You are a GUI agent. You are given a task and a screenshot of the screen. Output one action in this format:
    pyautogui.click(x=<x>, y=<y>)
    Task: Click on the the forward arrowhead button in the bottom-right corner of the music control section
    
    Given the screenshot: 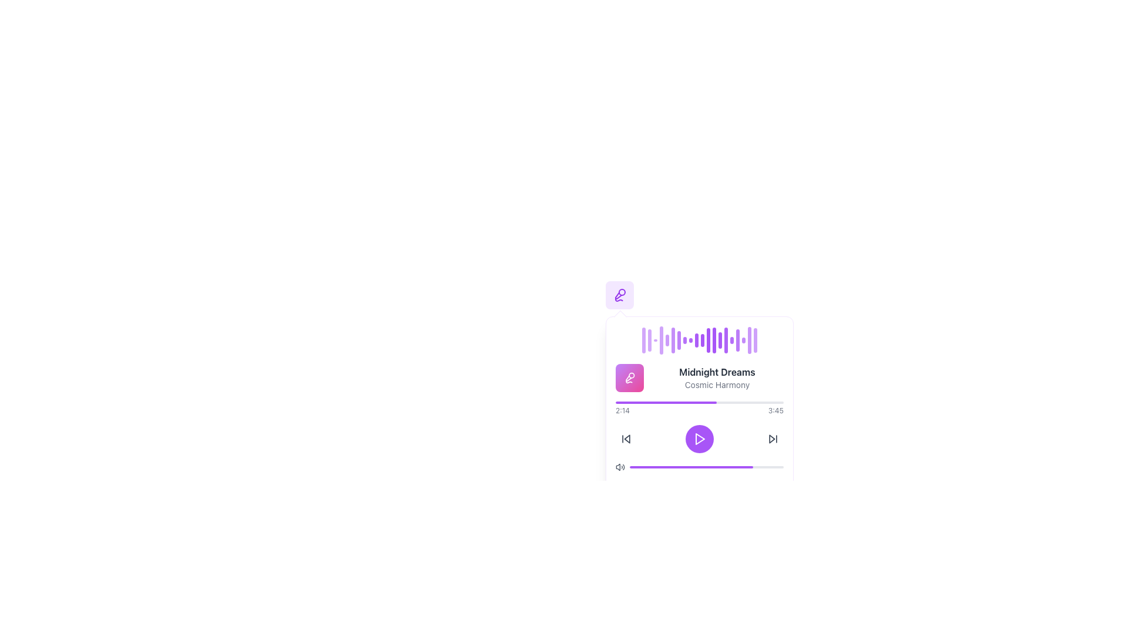 What is the action you would take?
    pyautogui.click(x=773, y=439)
    